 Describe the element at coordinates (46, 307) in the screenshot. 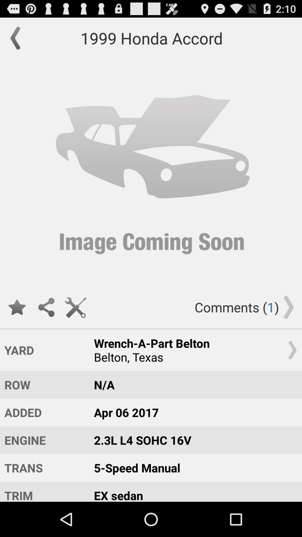

I see `share listing` at that location.